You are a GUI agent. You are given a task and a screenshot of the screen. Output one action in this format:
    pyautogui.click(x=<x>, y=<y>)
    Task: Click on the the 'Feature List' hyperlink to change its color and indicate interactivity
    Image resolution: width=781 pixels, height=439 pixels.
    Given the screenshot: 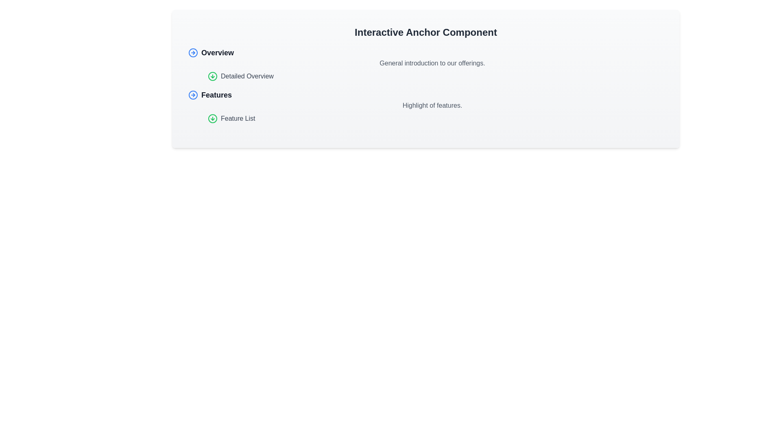 What is the action you would take?
    pyautogui.click(x=238, y=119)
    